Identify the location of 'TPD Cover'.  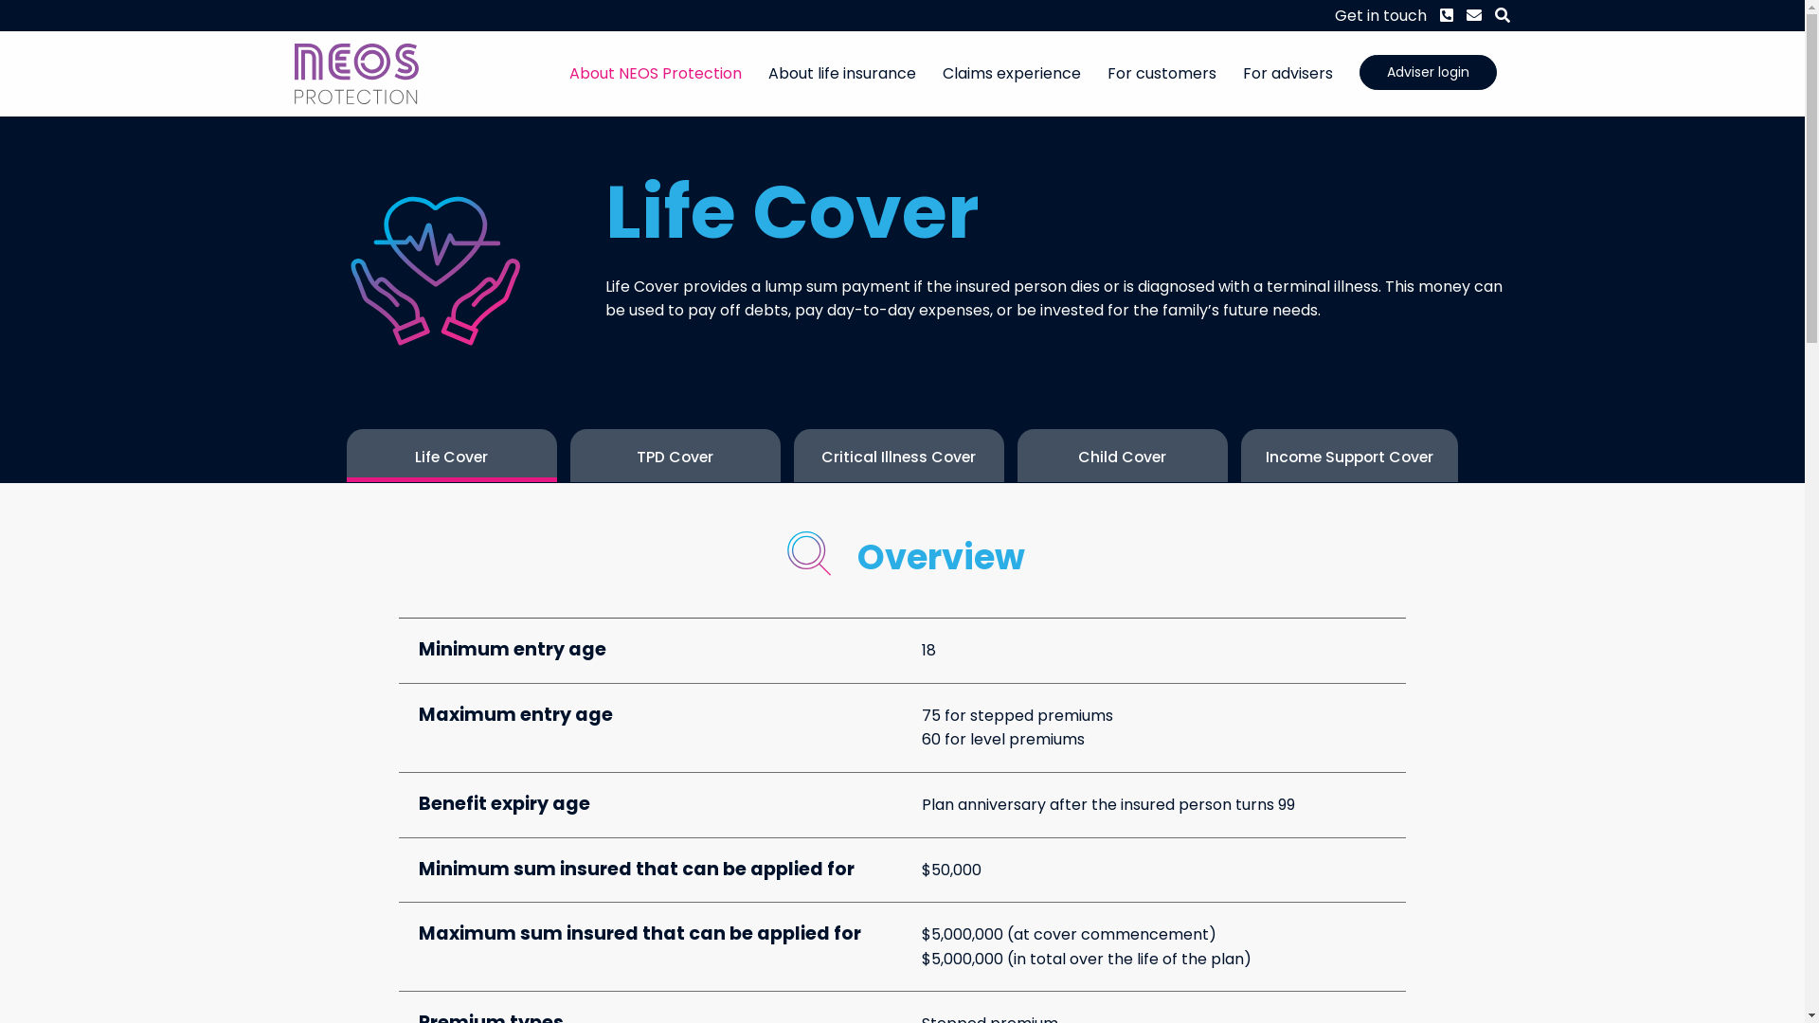
(675, 456).